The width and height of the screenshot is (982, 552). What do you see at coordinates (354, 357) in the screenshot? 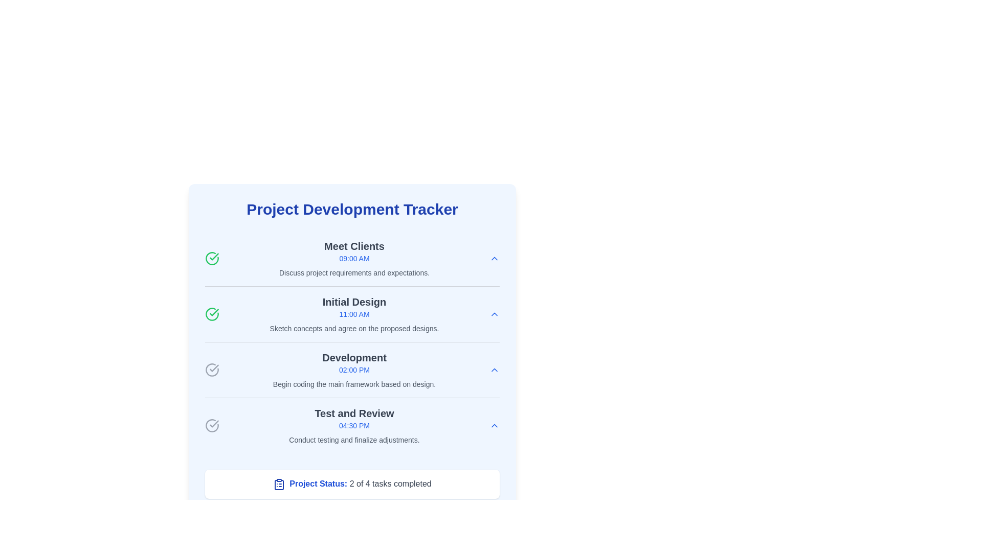
I see `the text display element that shows 'Development' in a bold, large font within the Project Development Tracker section` at bounding box center [354, 357].